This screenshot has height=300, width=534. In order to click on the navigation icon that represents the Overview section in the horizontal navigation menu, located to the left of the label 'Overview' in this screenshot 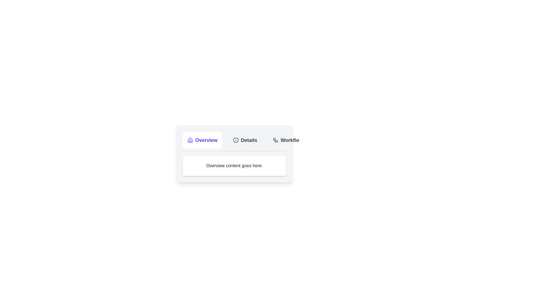, I will do `click(190, 140)`.